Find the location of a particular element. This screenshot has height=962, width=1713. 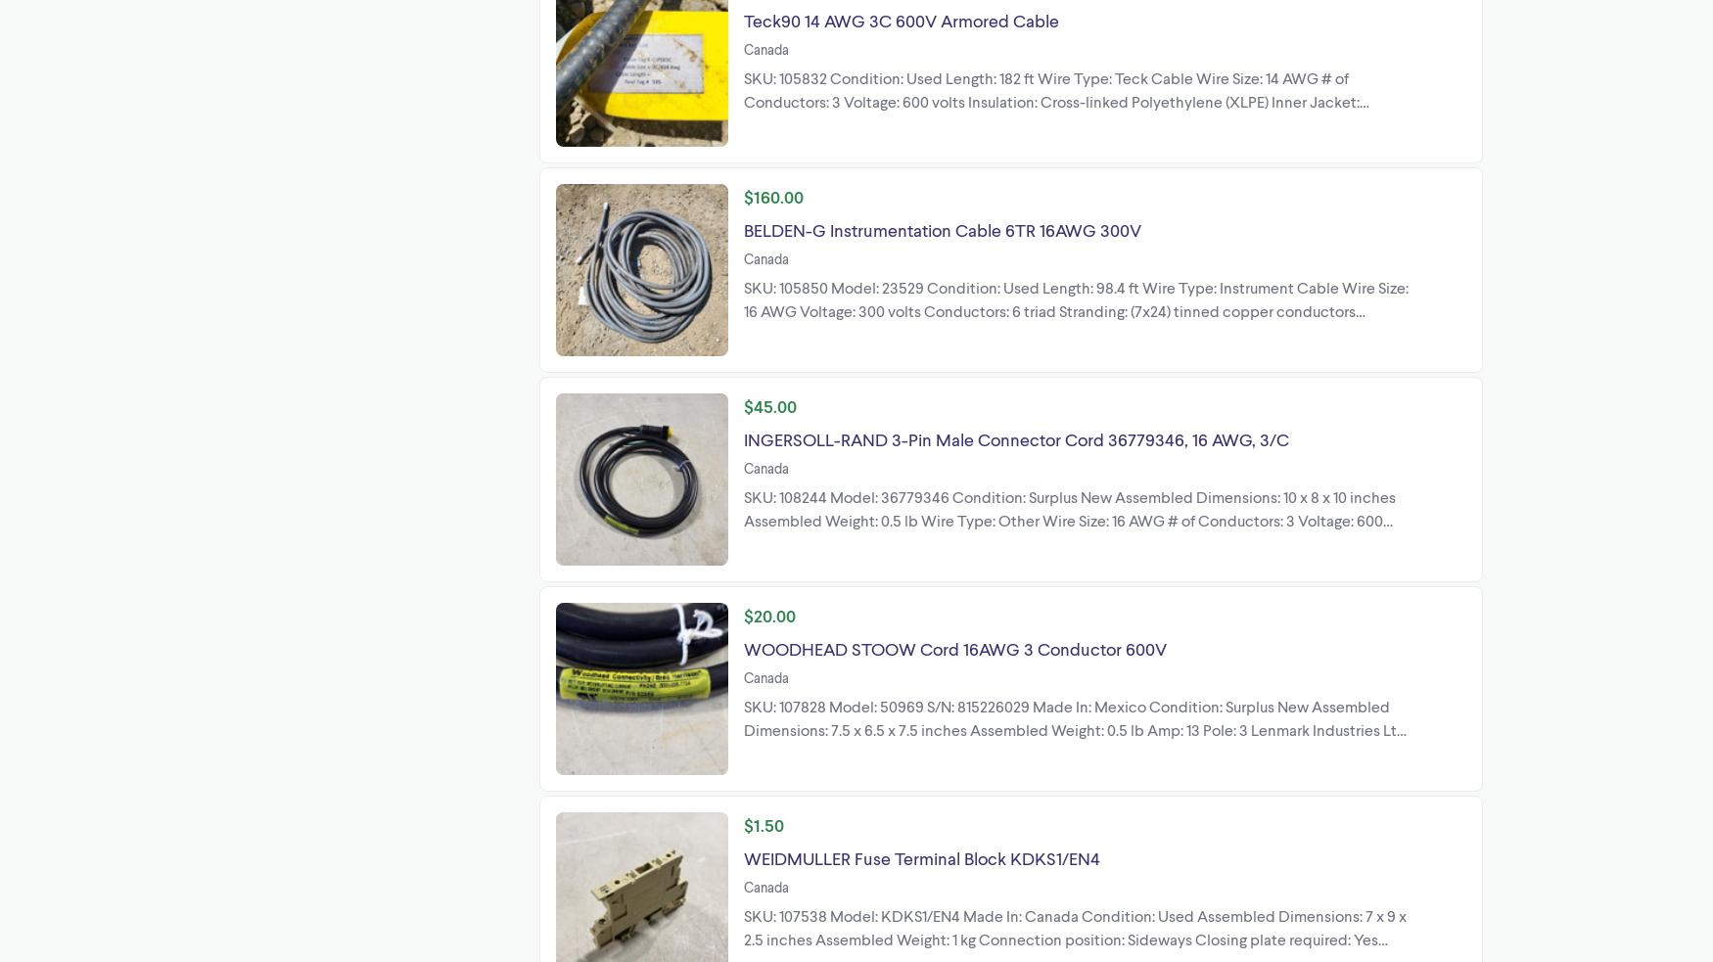

'$45.00' is located at coordinates (768, 404).